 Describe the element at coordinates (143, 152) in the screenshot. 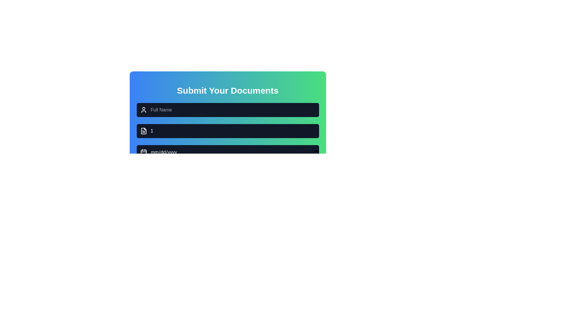

I see `the date input icon located to the left of the date input field under the 'Submit Your Documents' heading` at that location.